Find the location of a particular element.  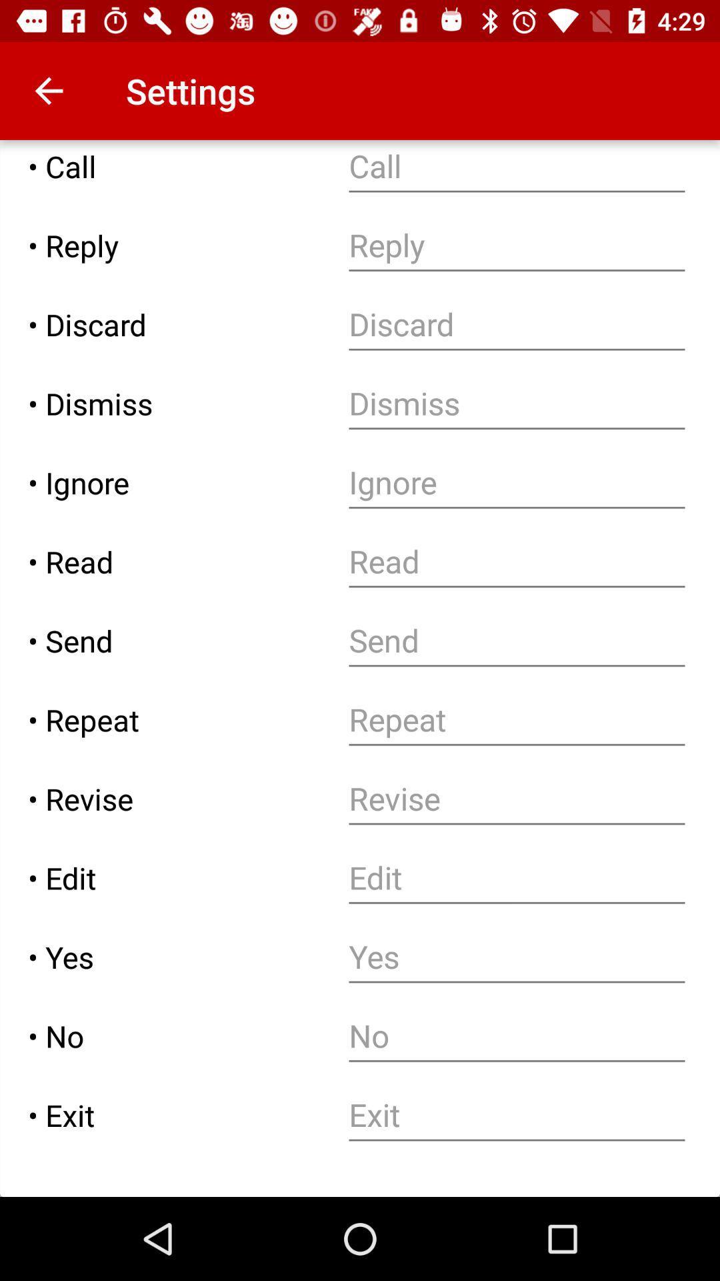

specify text to be deleted is located at coordinates (516, 324).